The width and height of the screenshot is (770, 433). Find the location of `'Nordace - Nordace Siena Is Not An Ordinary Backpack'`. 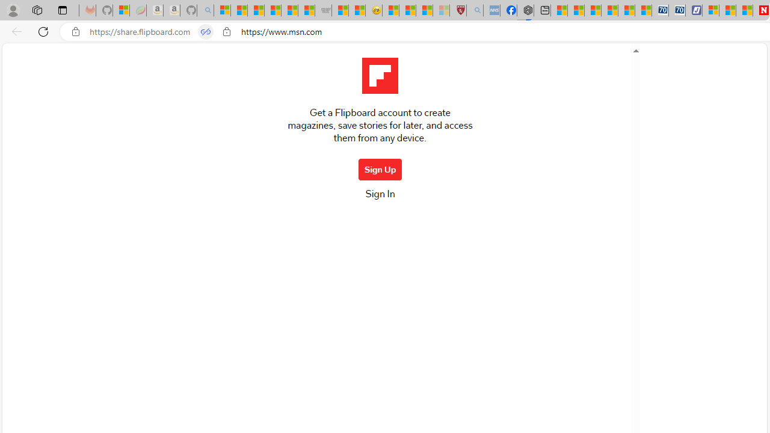

'Nordace - Nordace Siena Is Not An Ordinary Backpack' is located at coordinates (525, 10).